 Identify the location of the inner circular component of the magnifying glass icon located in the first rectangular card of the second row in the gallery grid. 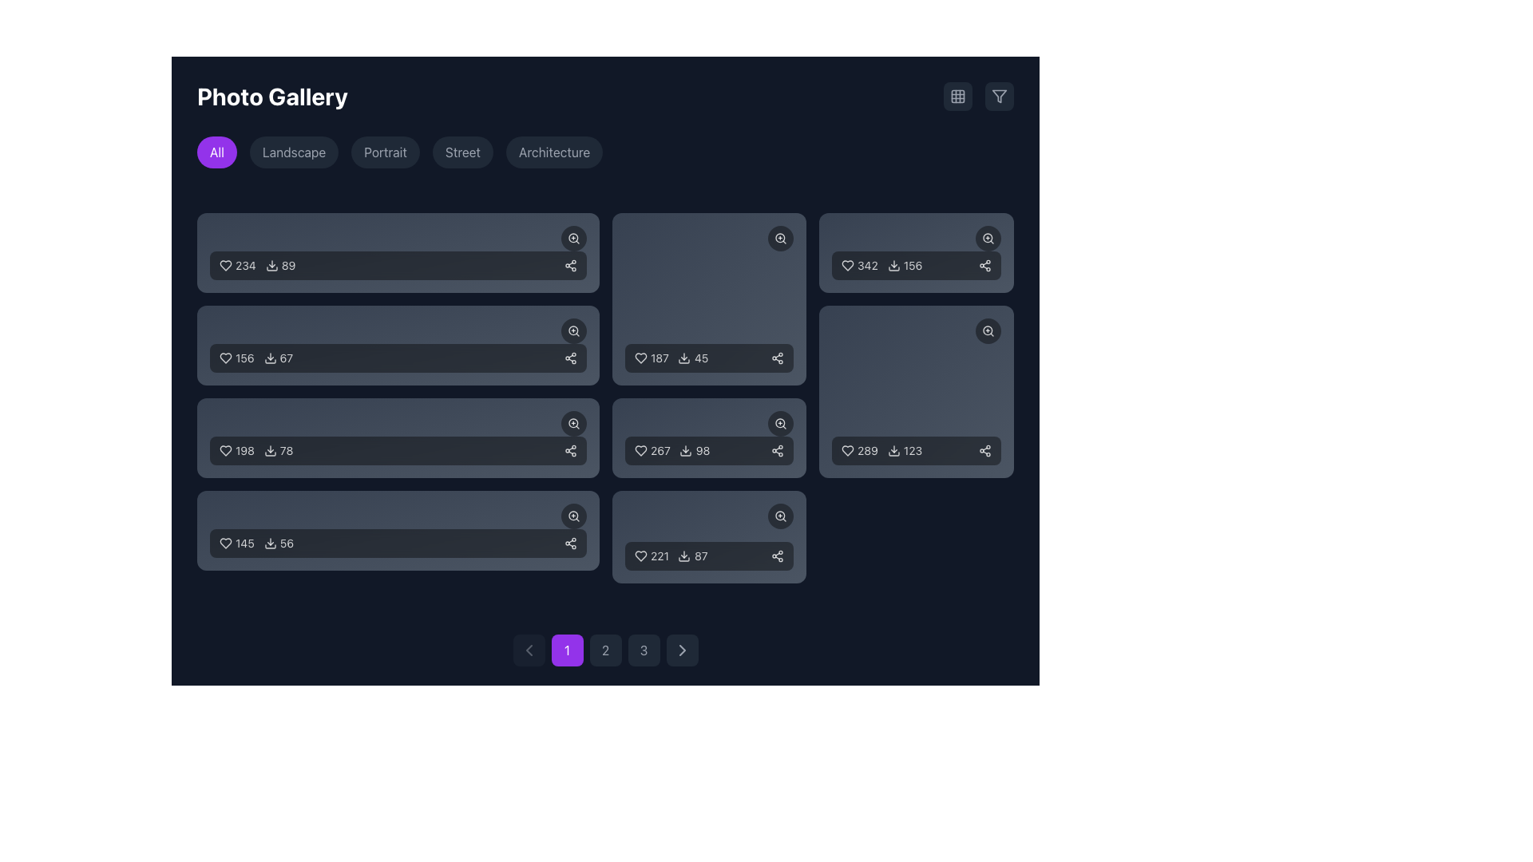
(572, 238).